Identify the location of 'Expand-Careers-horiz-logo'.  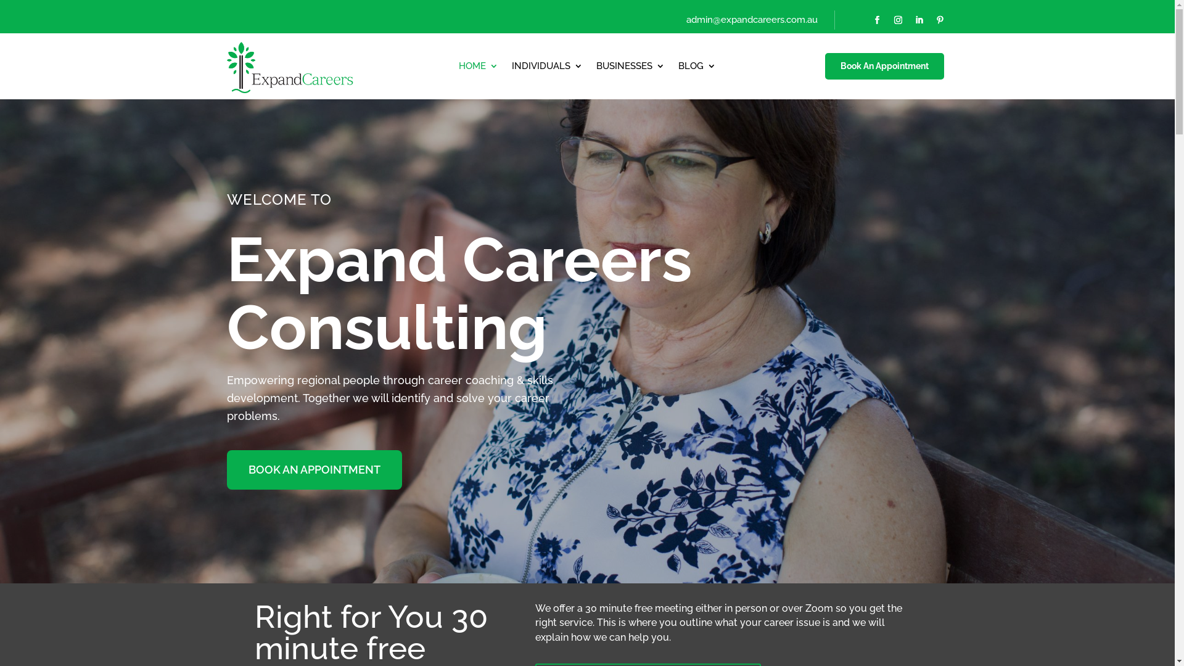
(227, 66).